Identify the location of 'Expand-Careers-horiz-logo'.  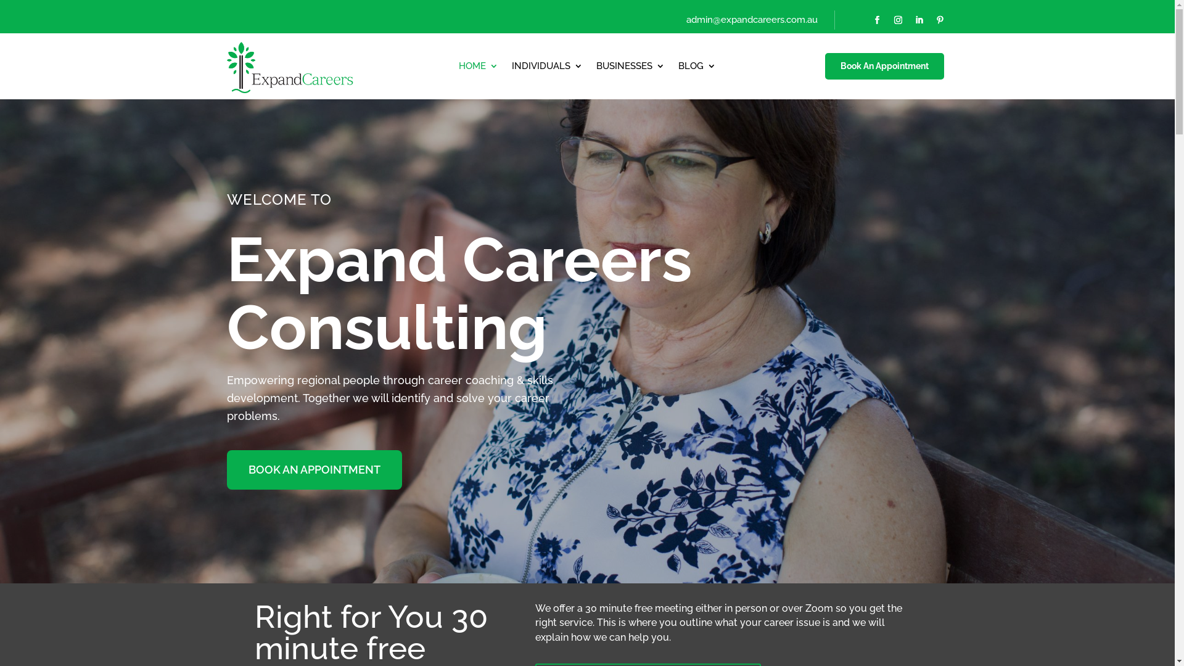
(227, 66).